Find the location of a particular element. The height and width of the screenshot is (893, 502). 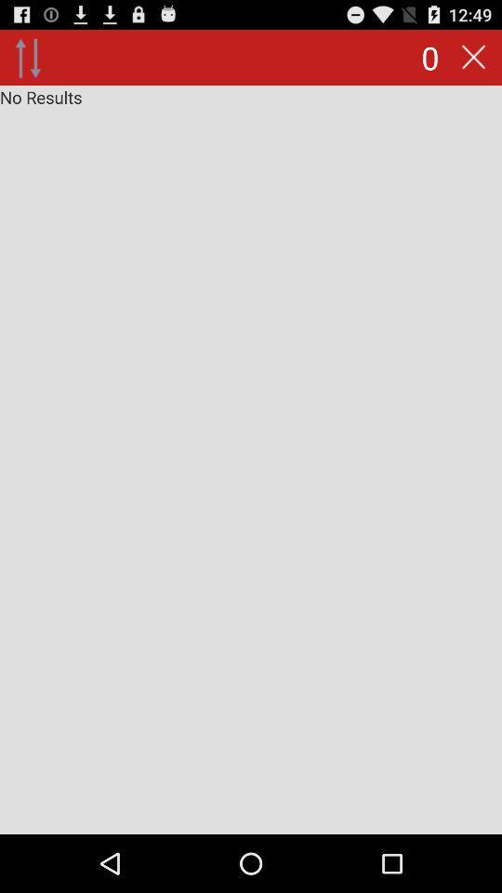

results found is located at coordinates (251, 459).